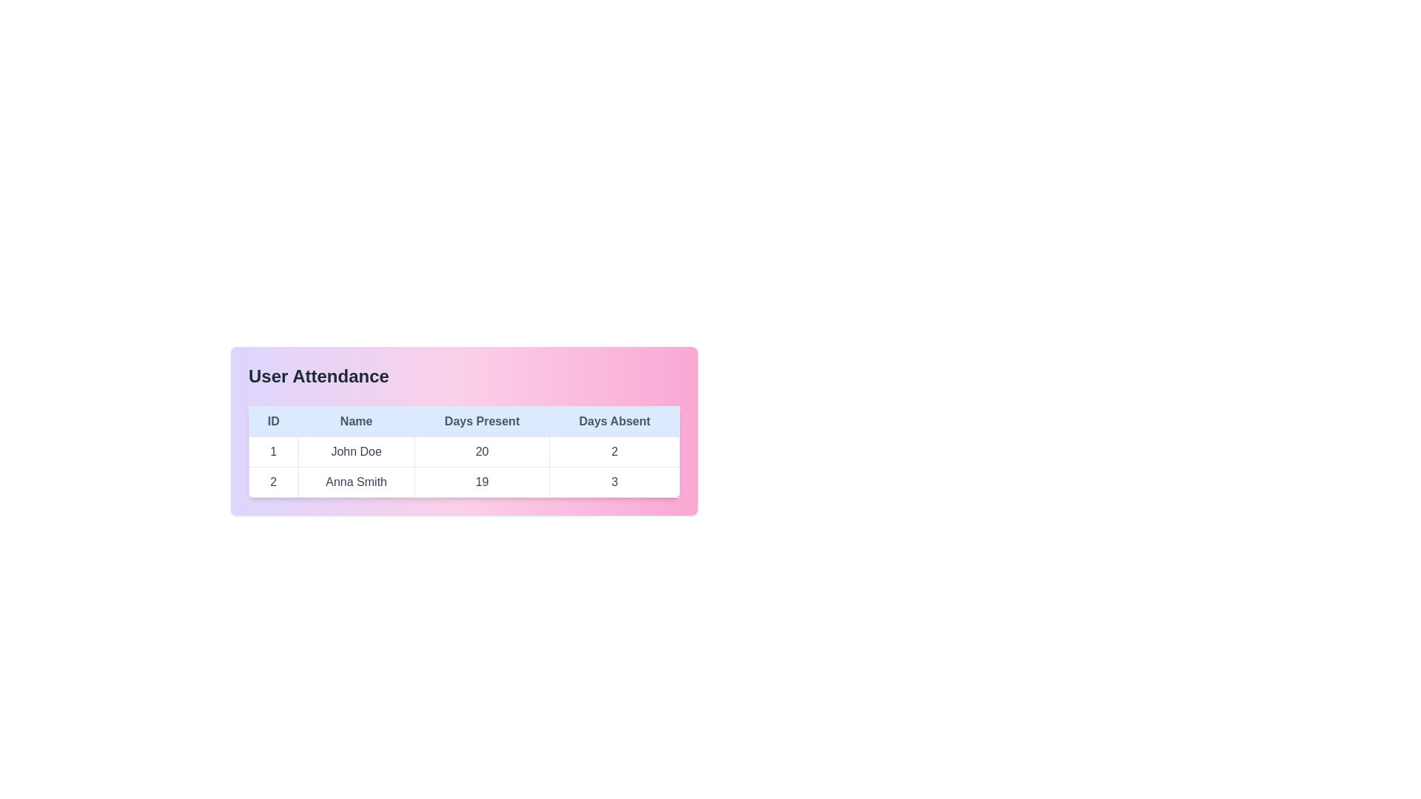  I want to click on the numeric label '2' located in the 'ID' column of the second row in the User Attendance table, so click(273, 482).